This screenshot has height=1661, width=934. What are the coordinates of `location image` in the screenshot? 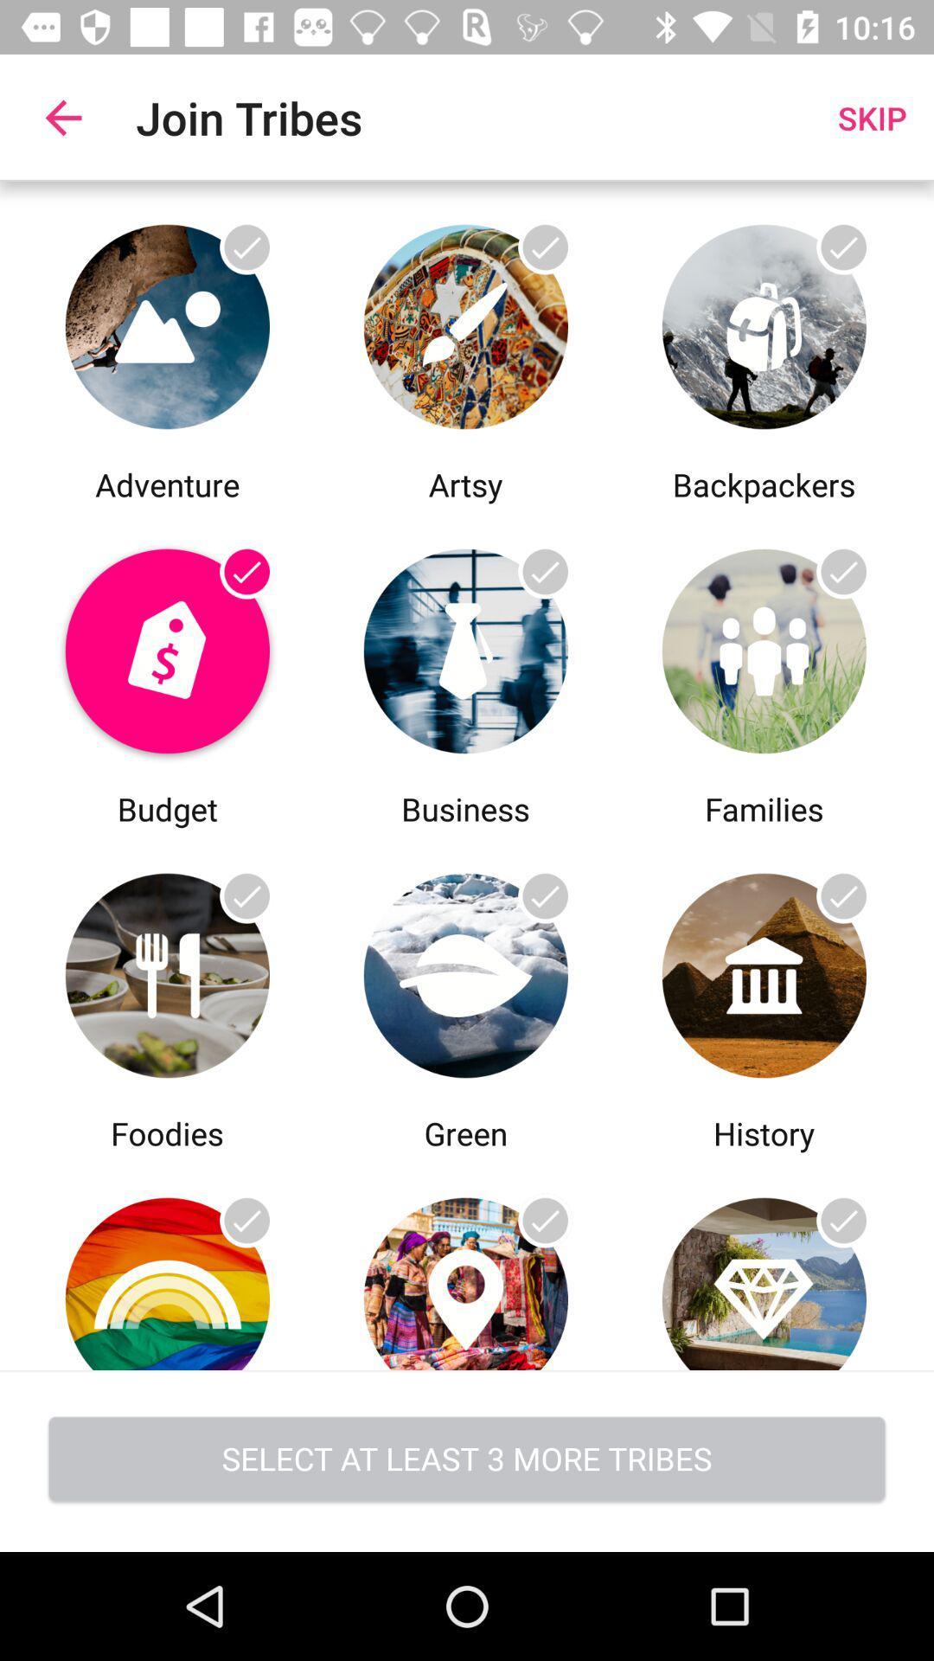 It's located at (464, 1262).